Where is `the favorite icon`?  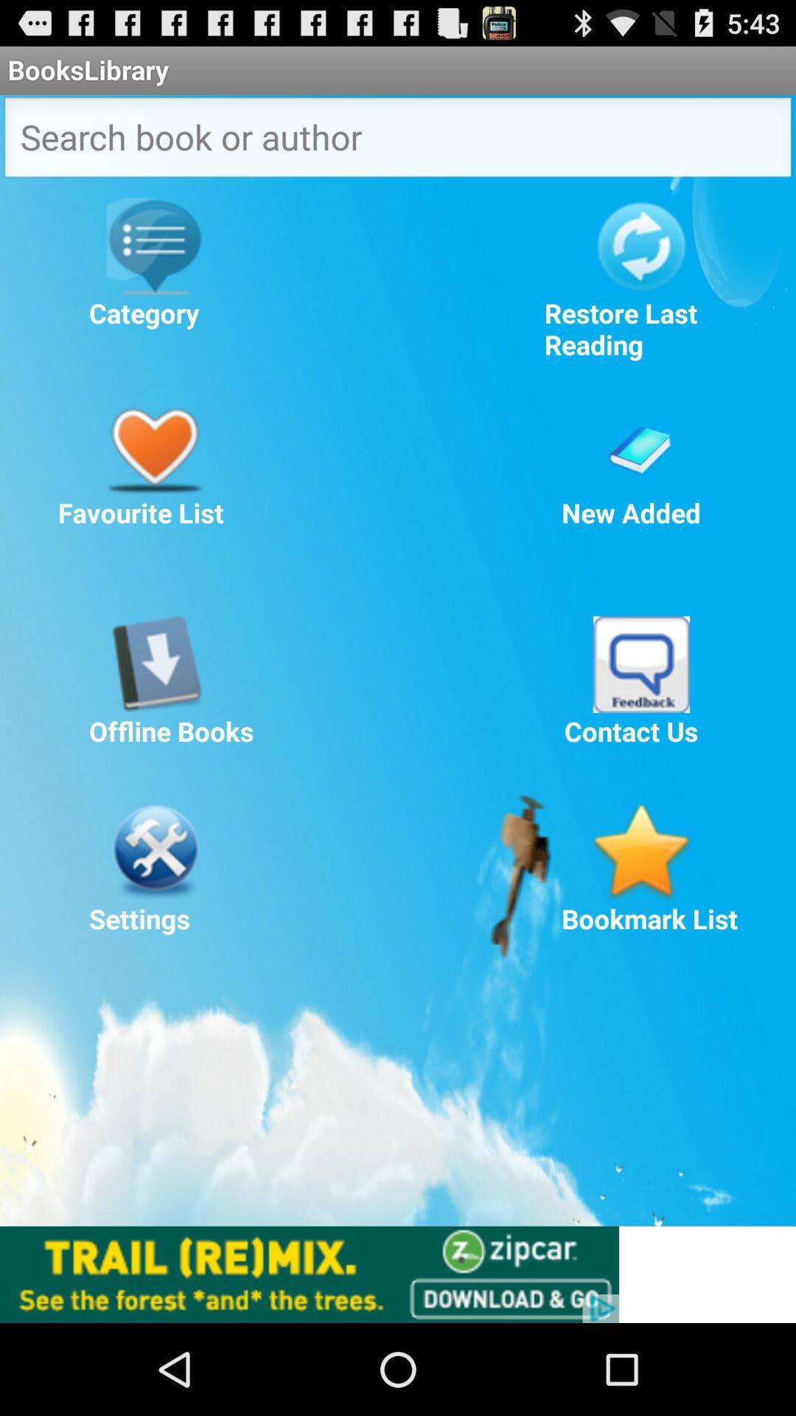
the favorite icon is located at coordinates (154, 477).